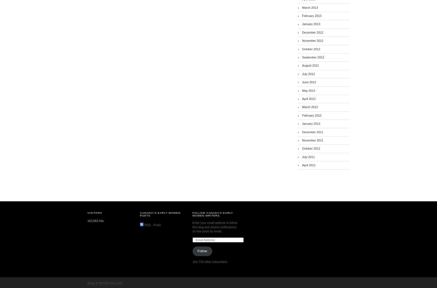 The image size is (437, 288). Describe the element at coordinates (160, 213) in the screenshot. I see `'Canada\’s Early Women Poets'` at that location.